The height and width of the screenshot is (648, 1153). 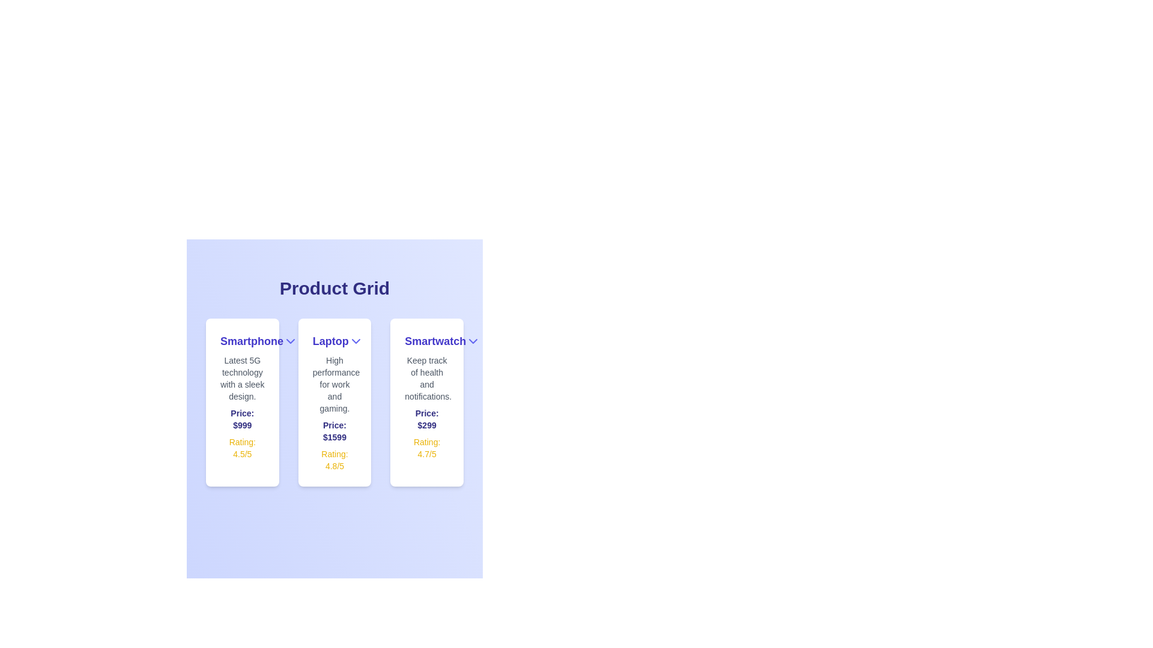 I want to click on the downward-facing chevron-shaped dropdown toggle icon, styled in navy blue, located immediately to the right of the 'Smartphone' label in the first card of the product grid, so click(x=291, y=341).